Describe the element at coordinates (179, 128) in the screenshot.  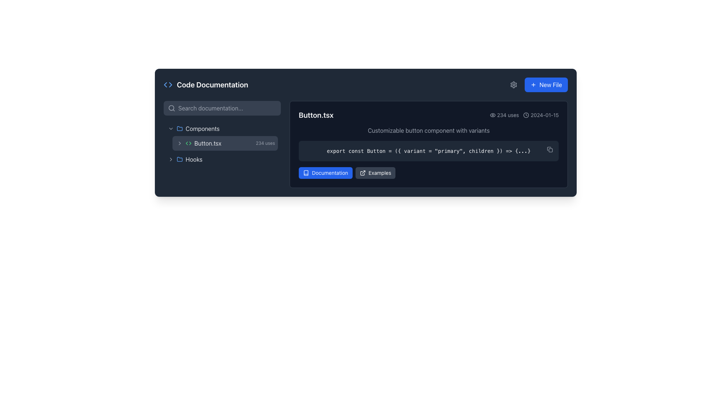
I see `the folder icon located in the left navigation bar under the 'Components' section` at that location.